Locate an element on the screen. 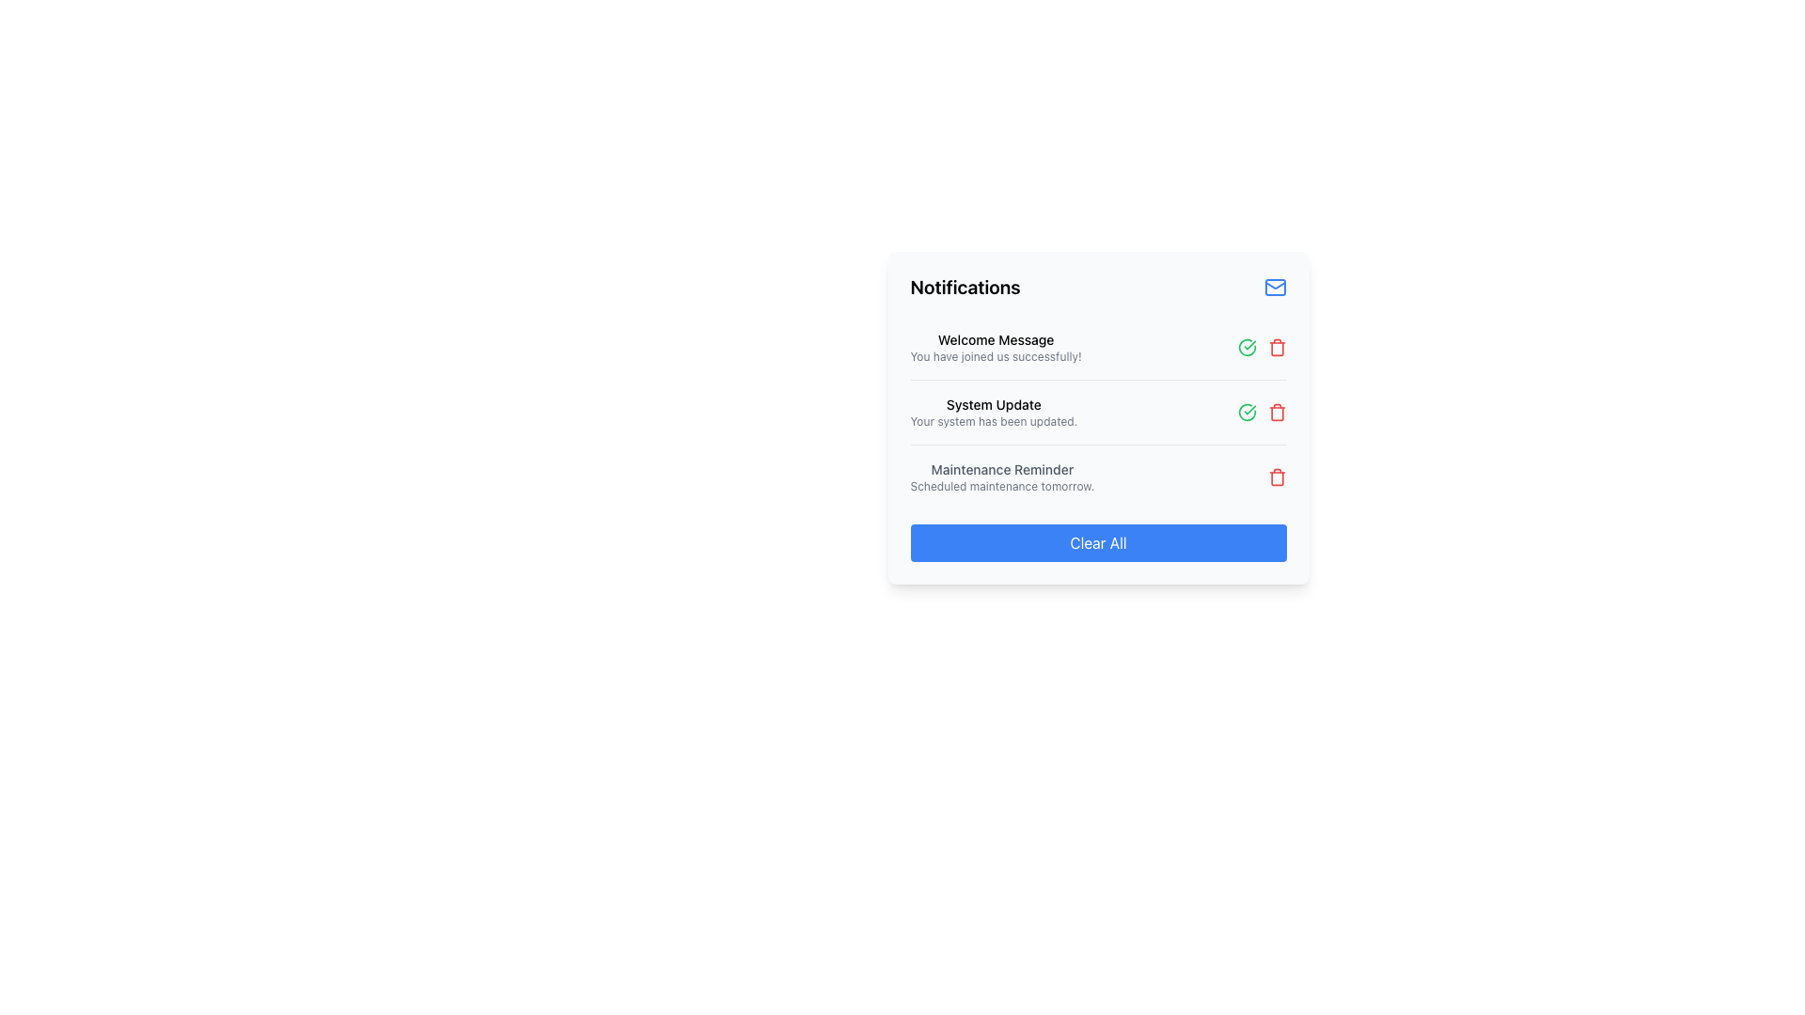 This screenshot has height=1015, width=1805. the delete button located to the right of the 'Maintenance Reminder' text is located at coordinates (1277, 348).